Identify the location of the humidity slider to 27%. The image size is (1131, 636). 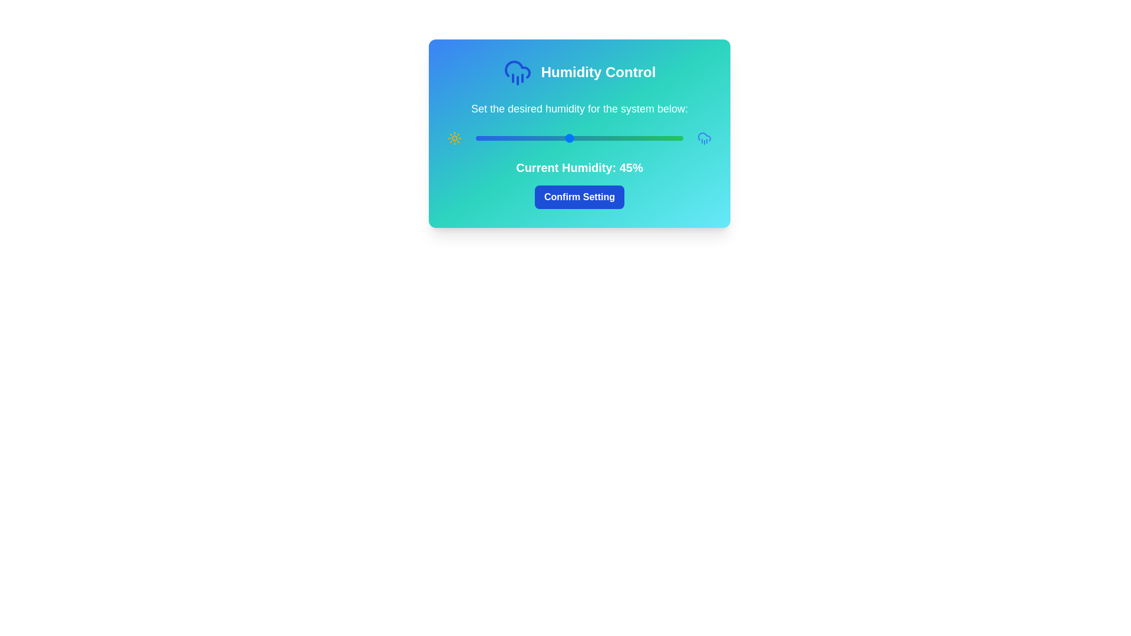
(531, 138).